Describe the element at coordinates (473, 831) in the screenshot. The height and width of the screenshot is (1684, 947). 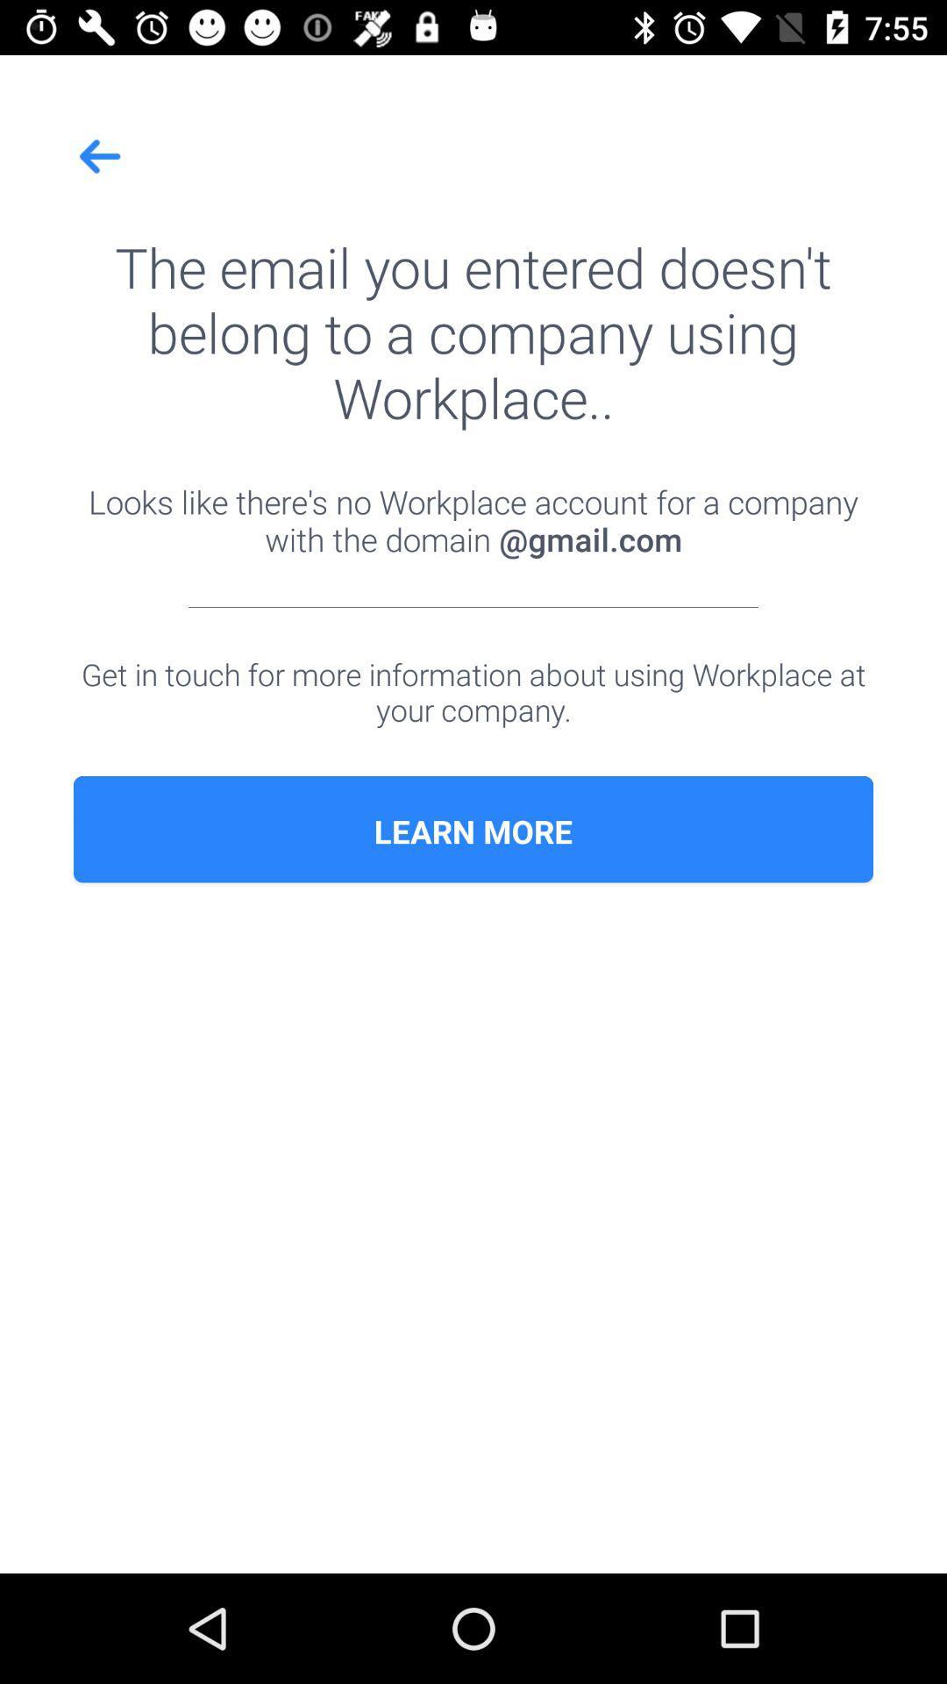
I see `the learn more icon` at that location.